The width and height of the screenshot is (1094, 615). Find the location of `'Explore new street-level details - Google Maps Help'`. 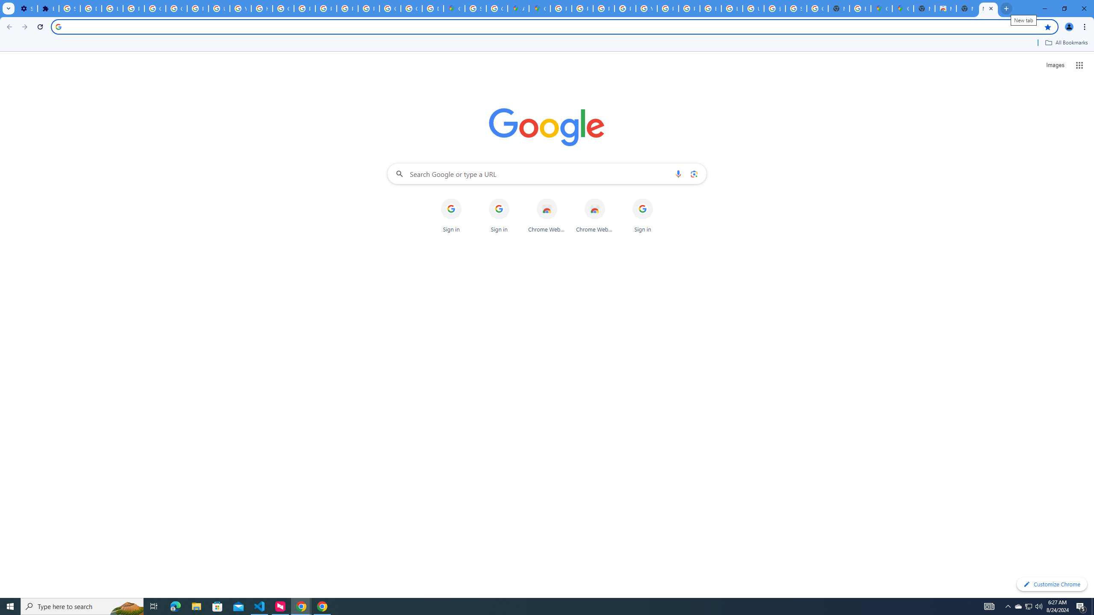

'Explore new street-level details - Google Maps Help' is located at coordinates (860, 8).